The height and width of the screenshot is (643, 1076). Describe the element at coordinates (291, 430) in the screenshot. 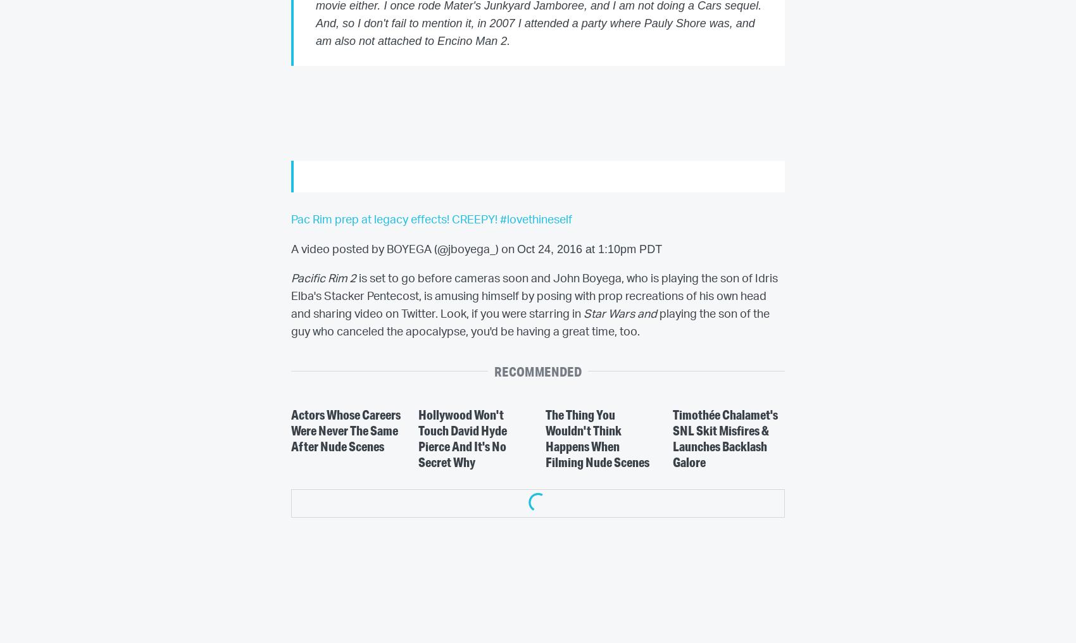

I see `'Actors Whose Careers Were Never The Same After Nude Scenes'` at that location.